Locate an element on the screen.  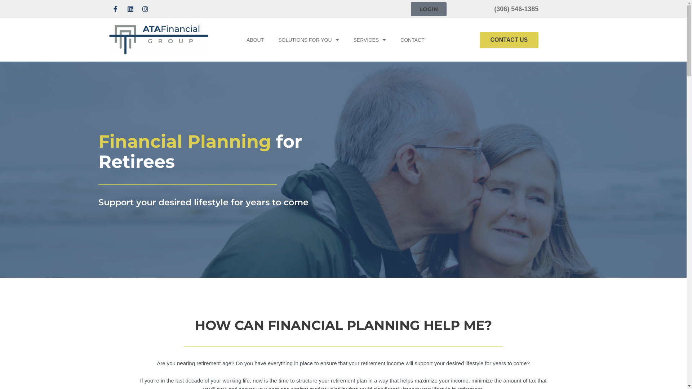
'SOLUTIONS FOR YOU' is located at coordinates (308, 40).